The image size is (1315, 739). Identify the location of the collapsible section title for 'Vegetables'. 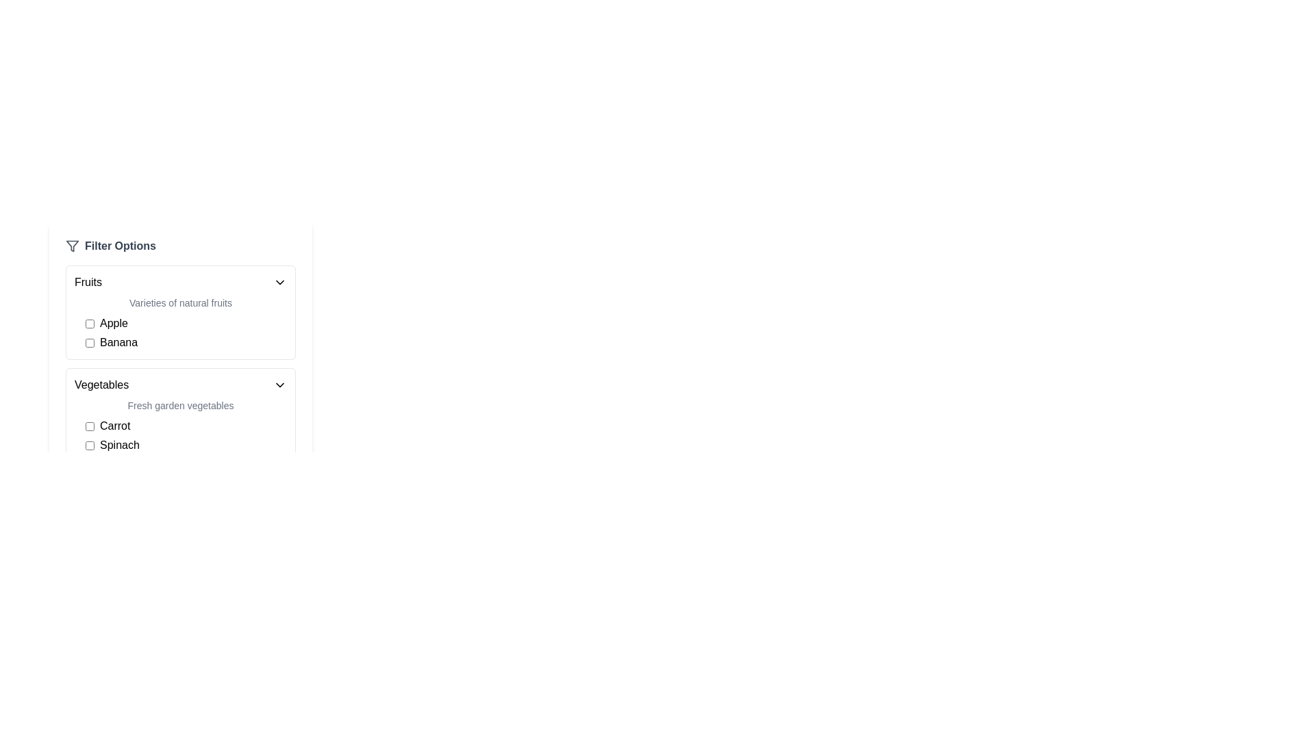
(180, 385).